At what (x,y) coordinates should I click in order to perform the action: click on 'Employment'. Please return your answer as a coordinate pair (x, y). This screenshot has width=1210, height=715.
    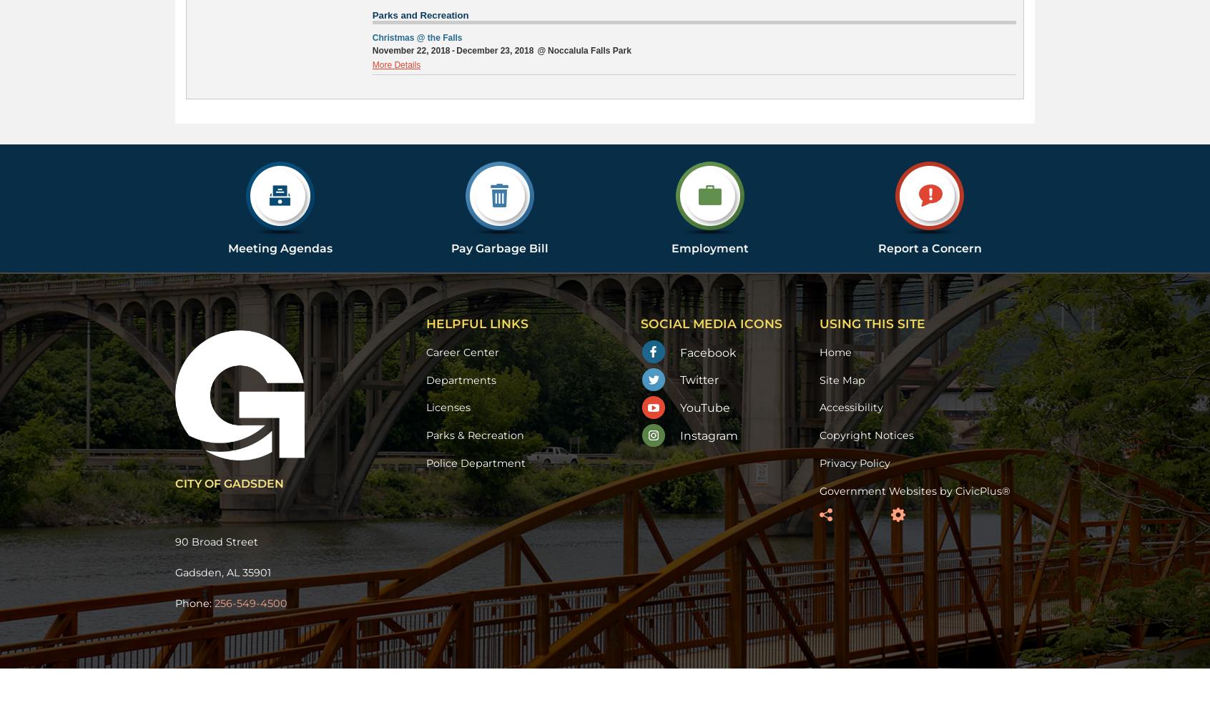
    Looking at the image, I should click on (671, 247).